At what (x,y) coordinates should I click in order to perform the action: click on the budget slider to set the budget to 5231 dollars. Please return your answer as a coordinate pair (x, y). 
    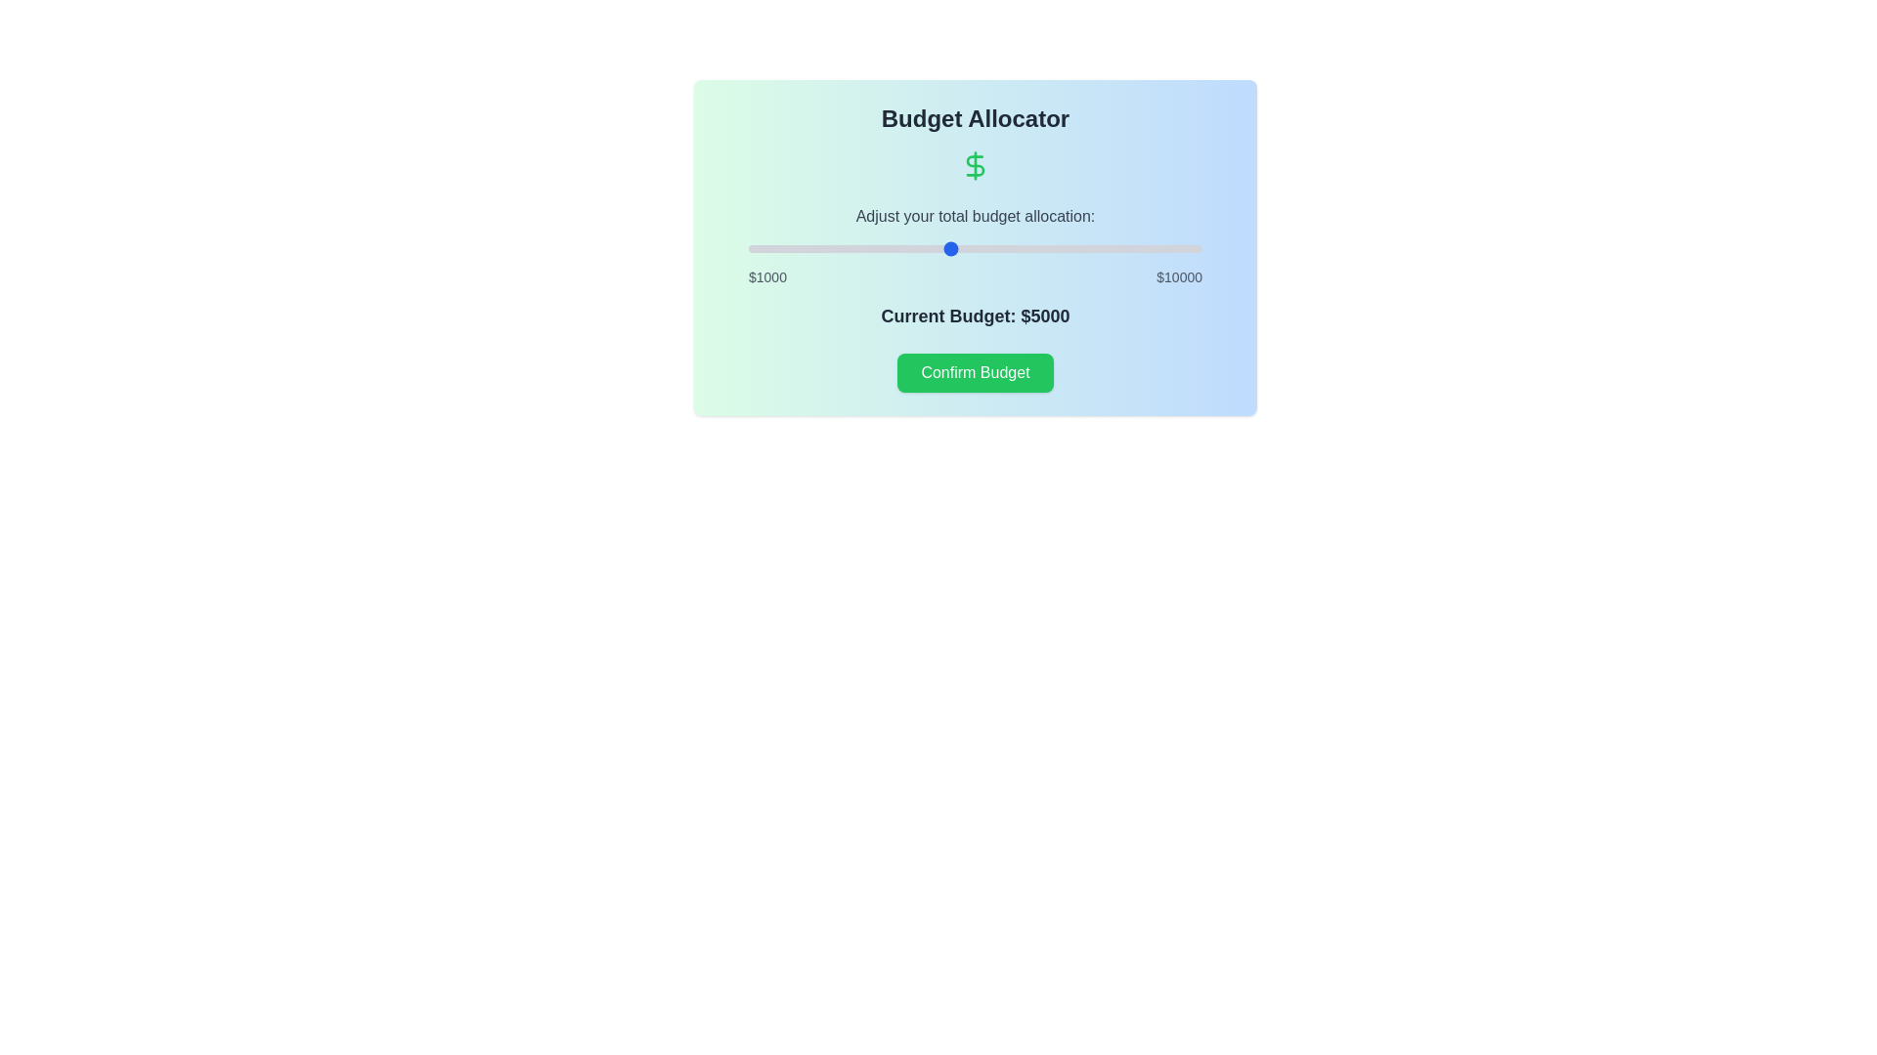
    Looking at the image, I should click on (962, 247).